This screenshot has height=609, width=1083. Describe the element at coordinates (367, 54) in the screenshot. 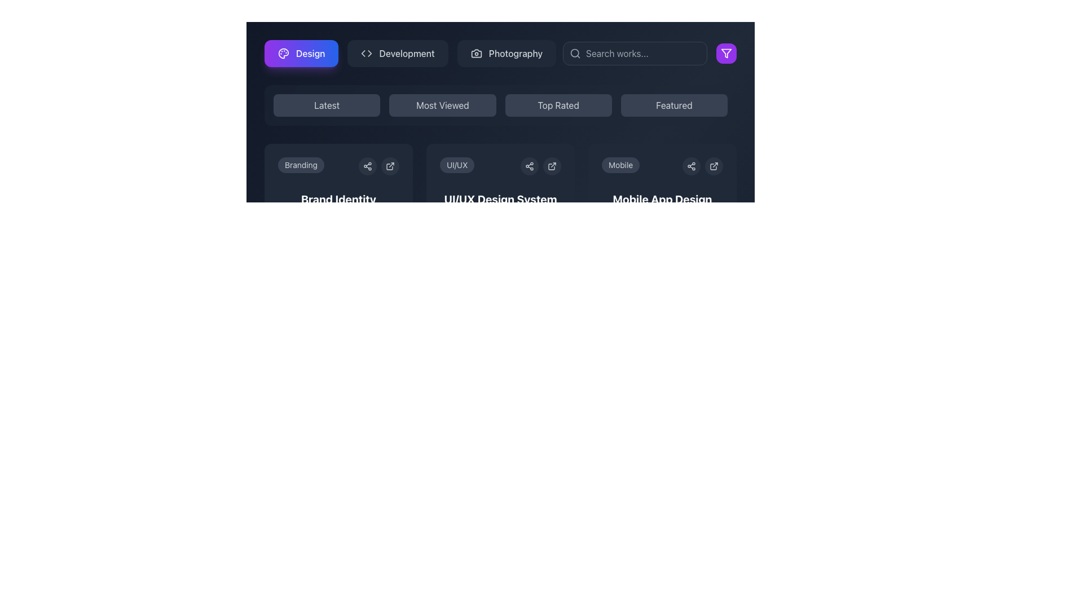

I see `the visual representation of the code symbol icon located to the left of the text 'development' in the button labeled 'development'` at that location.